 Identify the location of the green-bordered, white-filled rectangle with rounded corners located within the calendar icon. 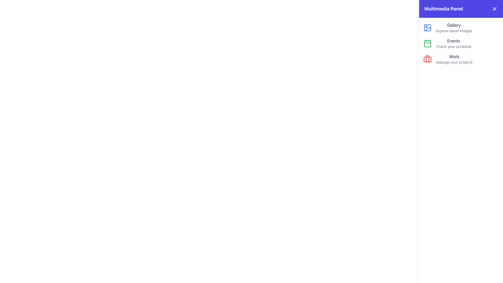
(428, 43).